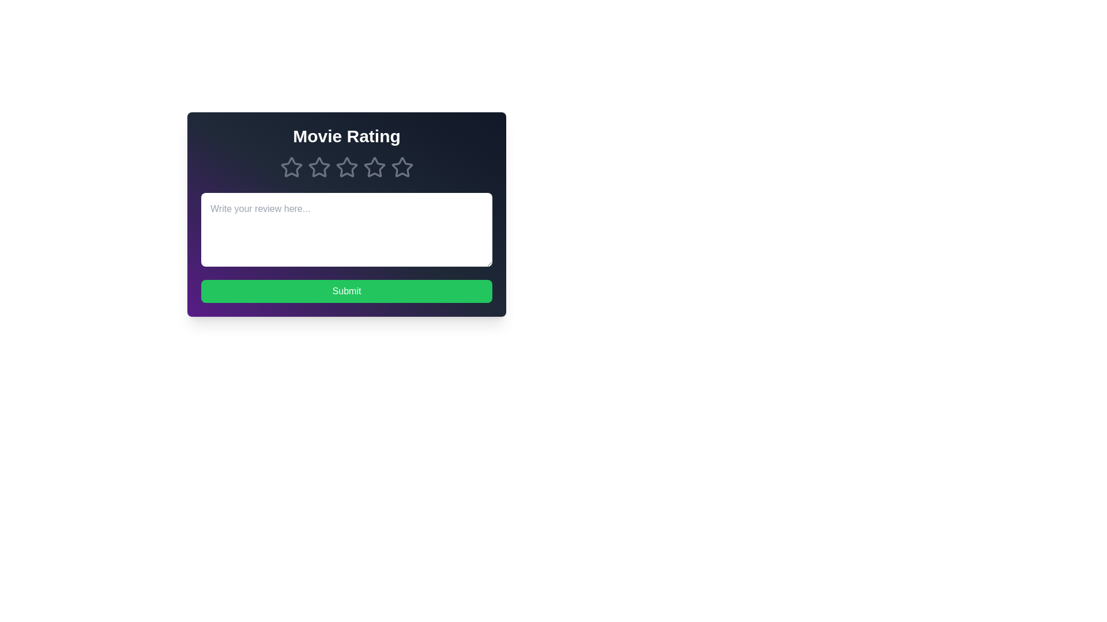 The height and width of the screenshot is (622, 1107). I want to click on the 'Submit' button to submit the review, so click(346, 290).